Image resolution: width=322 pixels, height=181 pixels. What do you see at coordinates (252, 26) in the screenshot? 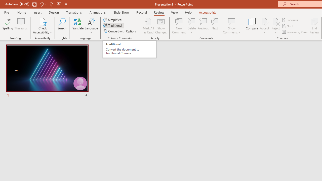
I see `'Compare'` at bounding box center [252, 26].